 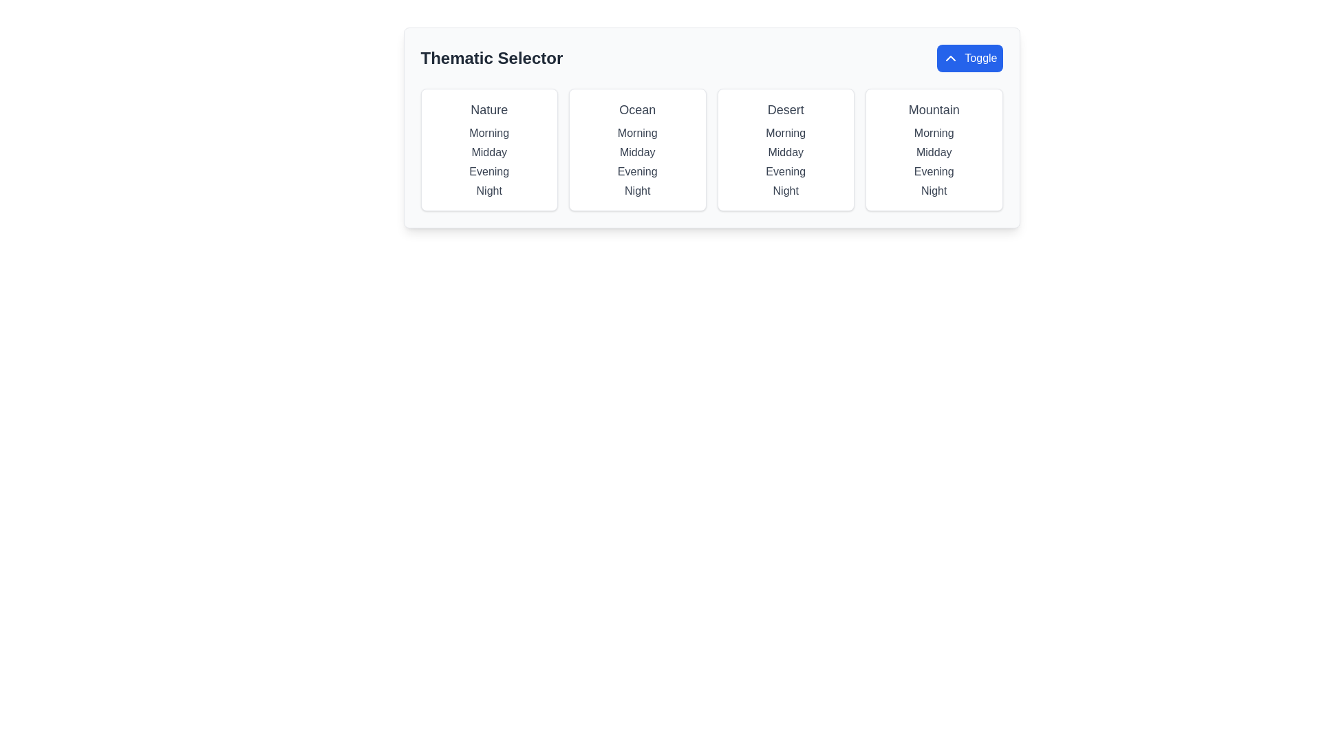 I want to click on the static text label indicating 'Midday' within the 'Ocean' section, which is the second item in a vertical list of time segments, so click(x=636, y=153).